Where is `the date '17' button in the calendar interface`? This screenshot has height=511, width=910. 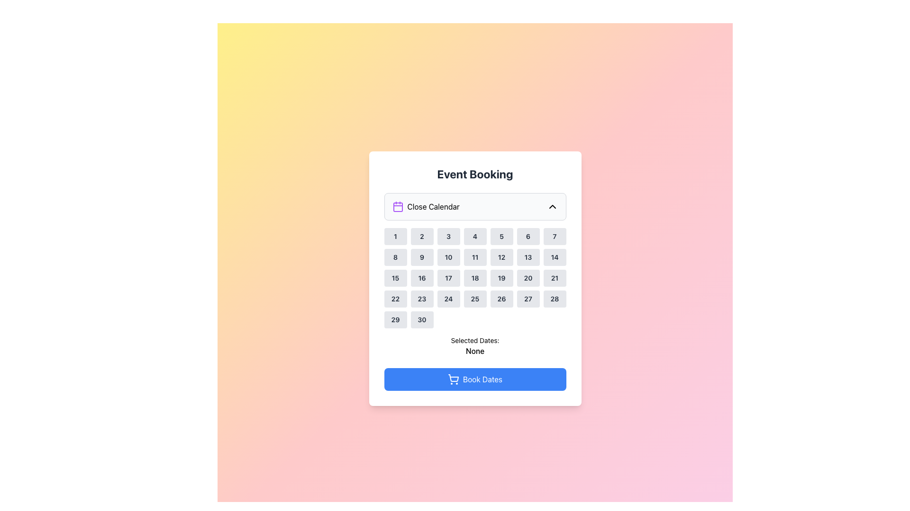 the date '17' button in the calendar interface is located at coordinates (448, 277).